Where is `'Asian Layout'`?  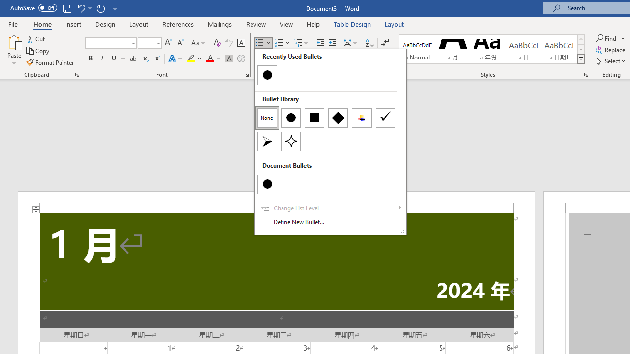 'Asian Layout' is located at coordinates (350, 42).